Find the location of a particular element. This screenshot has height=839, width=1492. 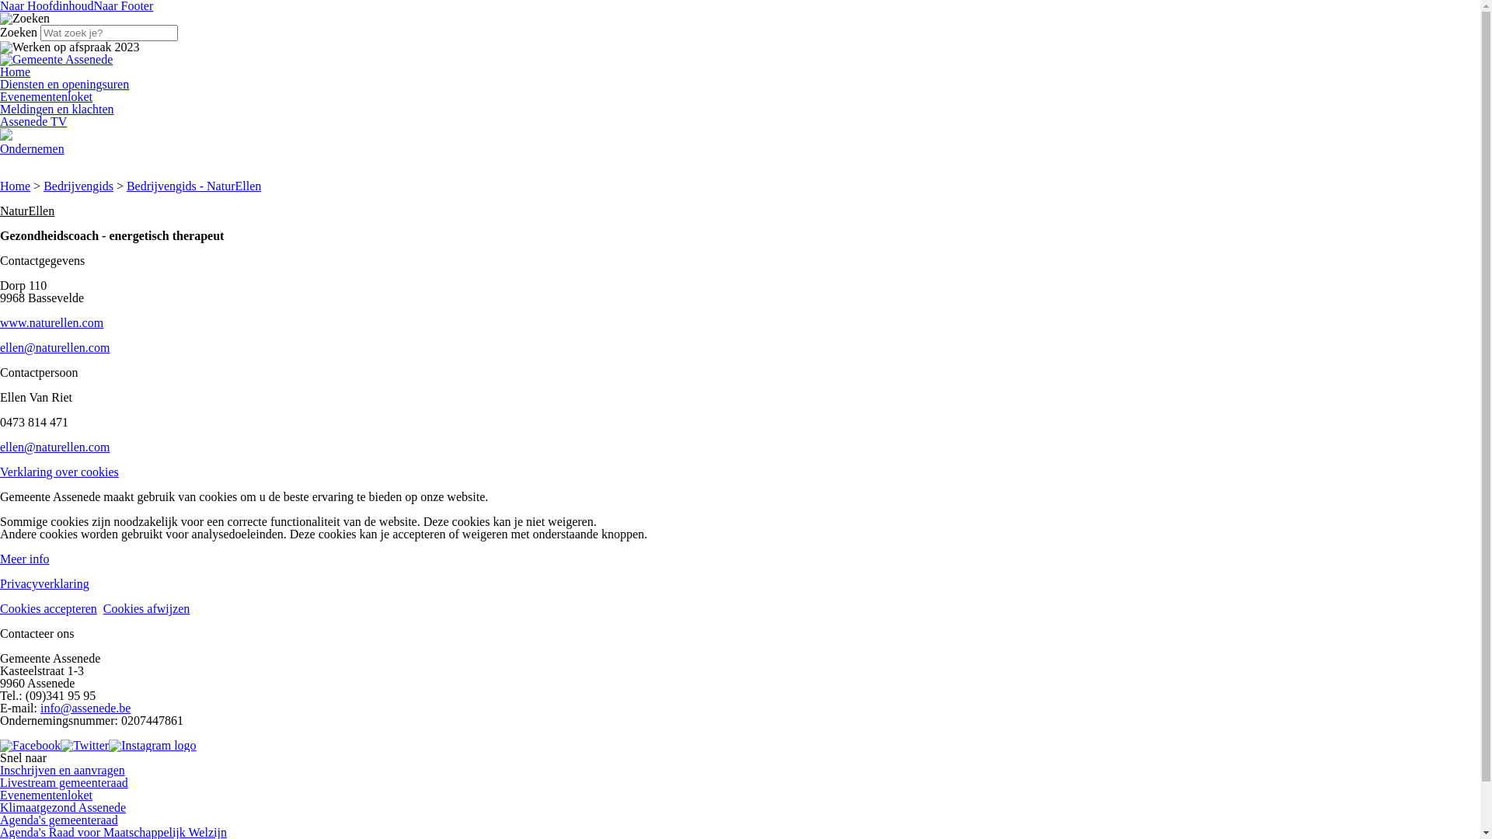

'Werken op afspraak 2023' is located at coordinates (69, 47).